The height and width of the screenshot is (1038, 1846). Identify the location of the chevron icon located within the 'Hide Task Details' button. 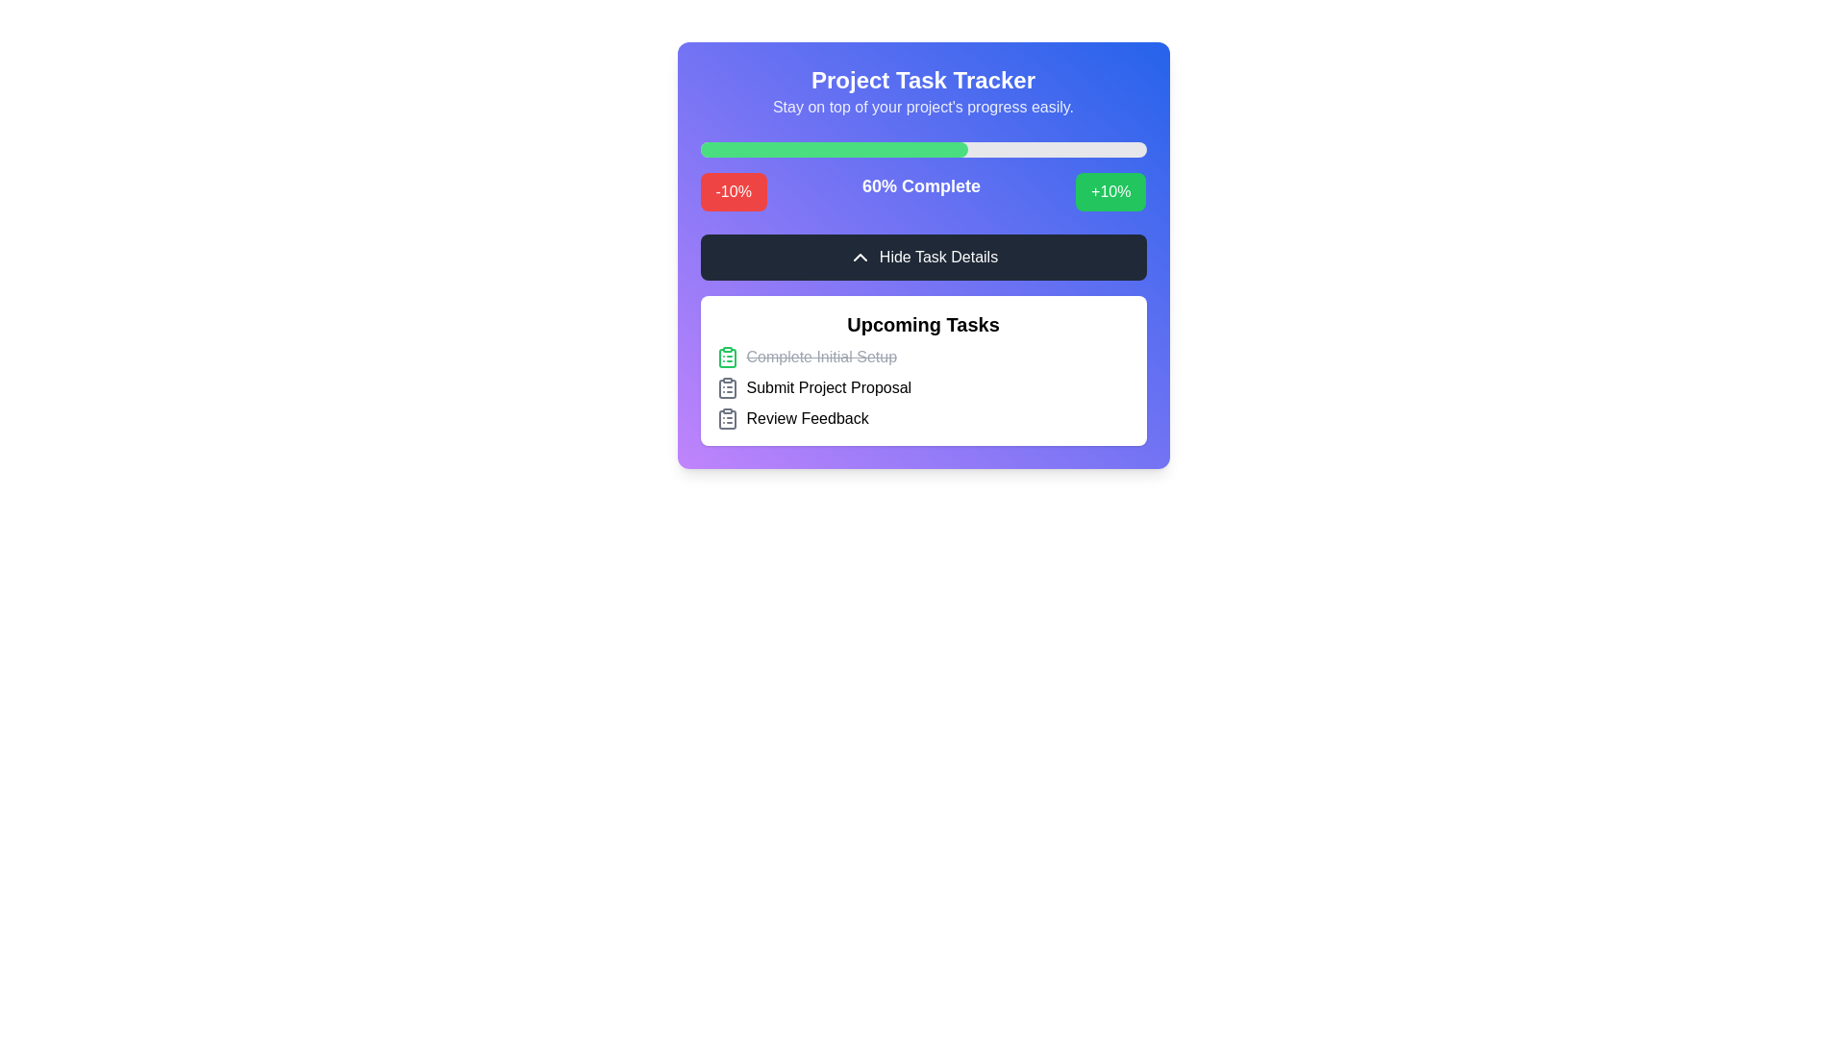
(859, 256).